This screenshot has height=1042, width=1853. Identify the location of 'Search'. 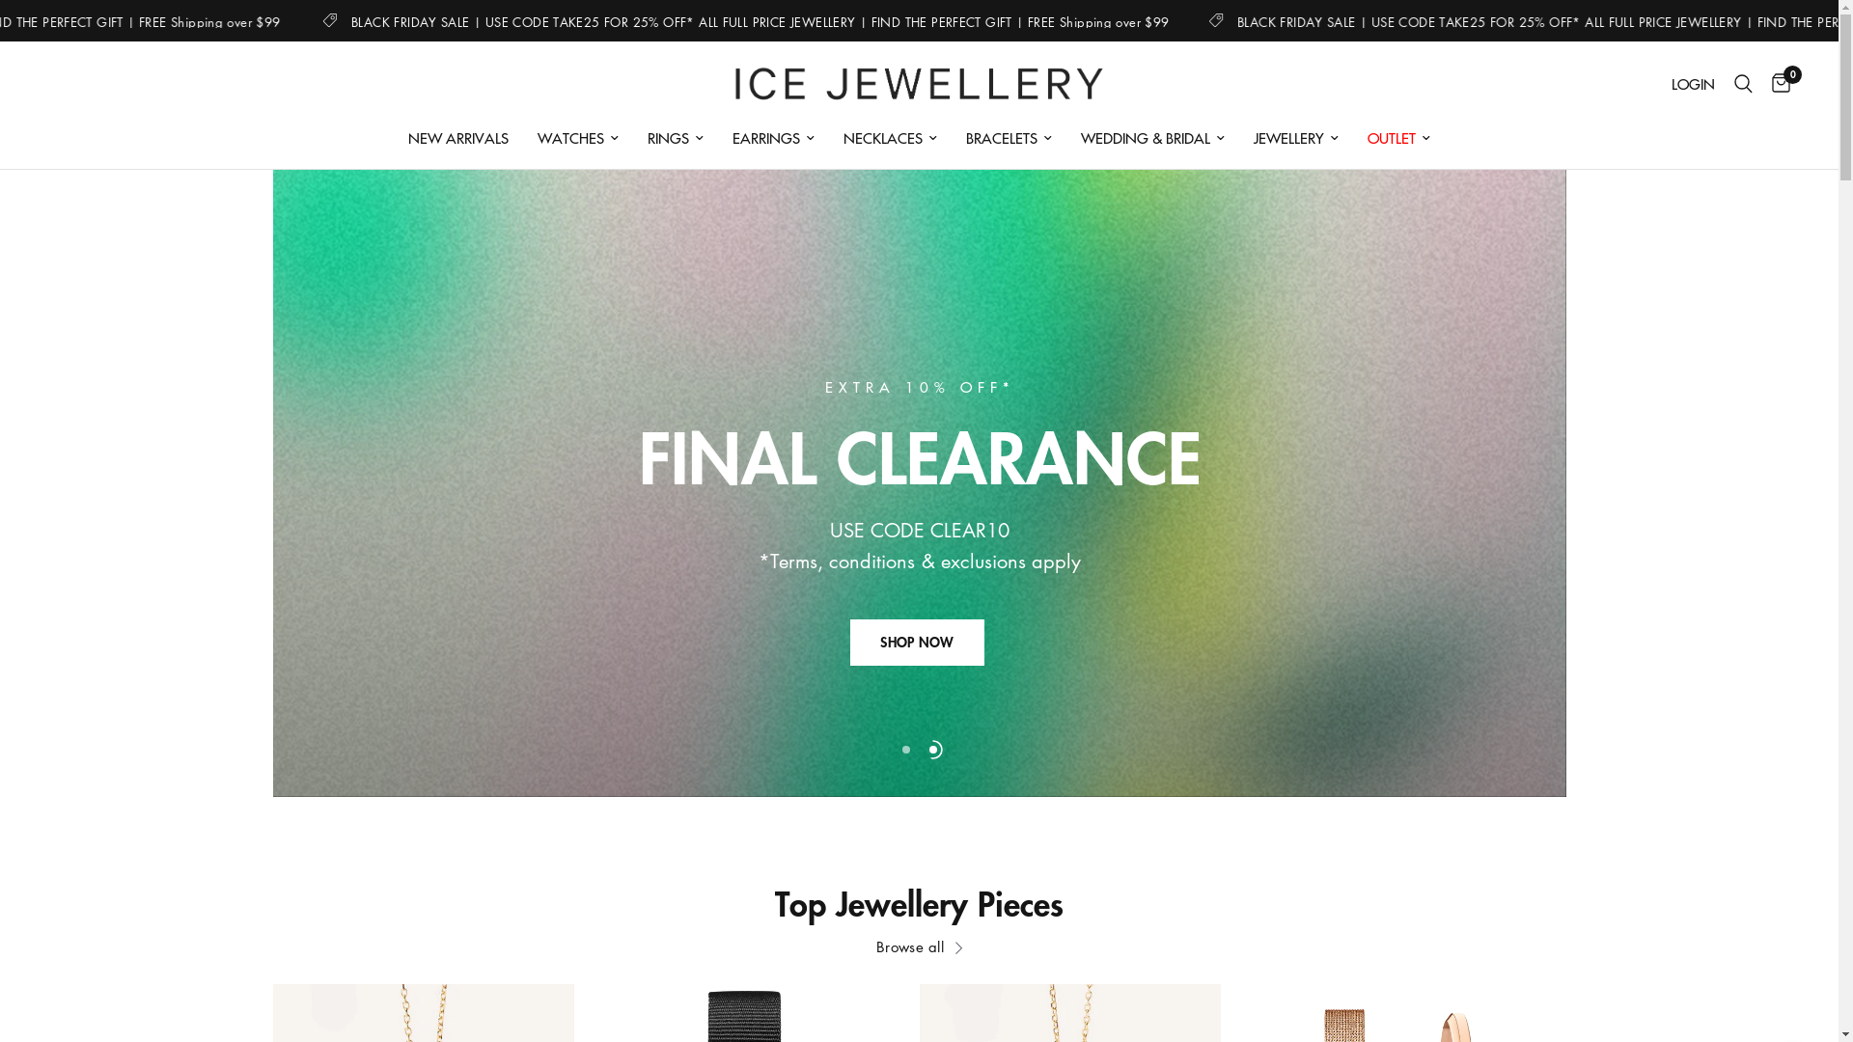
(1743, 83).